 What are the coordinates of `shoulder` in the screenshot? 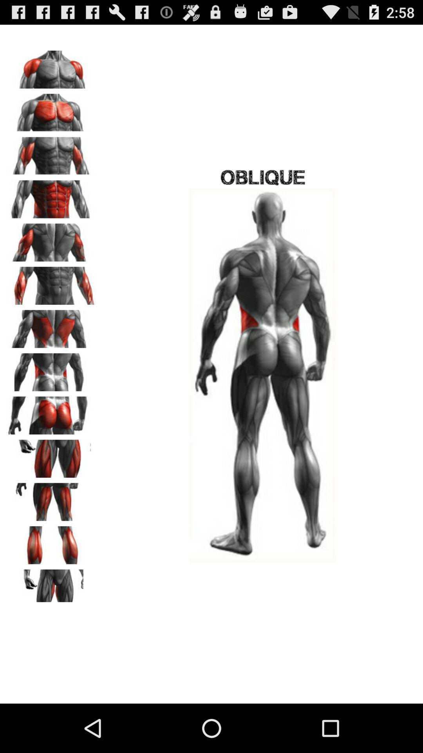 It's located at (51, 67).